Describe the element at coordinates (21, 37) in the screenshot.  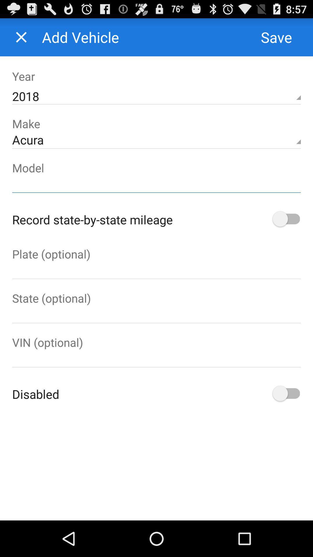
I see `window` at that location.